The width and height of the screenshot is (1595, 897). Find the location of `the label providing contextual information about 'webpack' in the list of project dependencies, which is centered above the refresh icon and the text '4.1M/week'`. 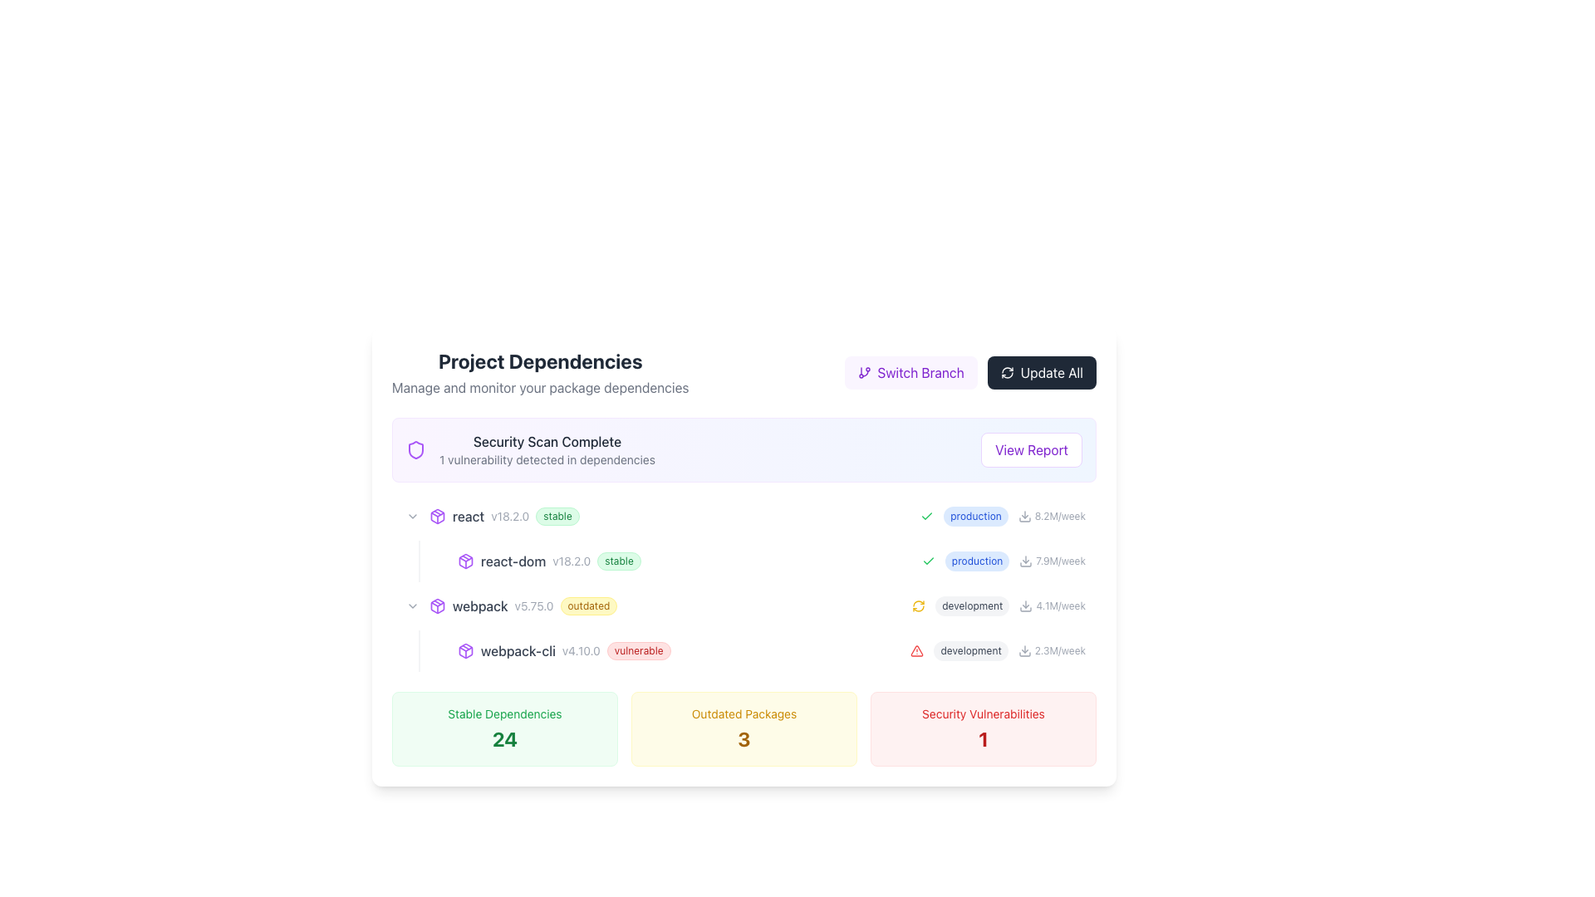

the label providing contextual information about 'webpack' in the list of project dependencies, which is centered above the refresh icon and the text '4.1M/week' is located at coordinates (972, 605).